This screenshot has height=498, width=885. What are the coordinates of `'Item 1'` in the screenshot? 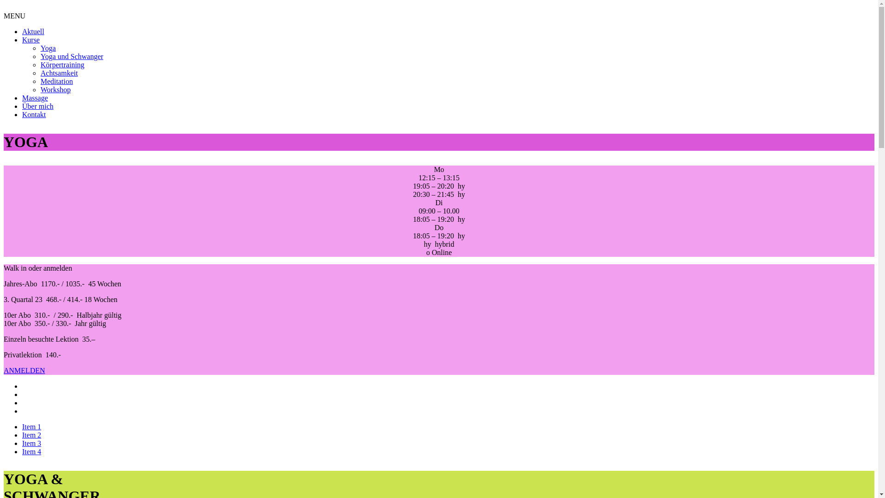 It's located at (22, 427).